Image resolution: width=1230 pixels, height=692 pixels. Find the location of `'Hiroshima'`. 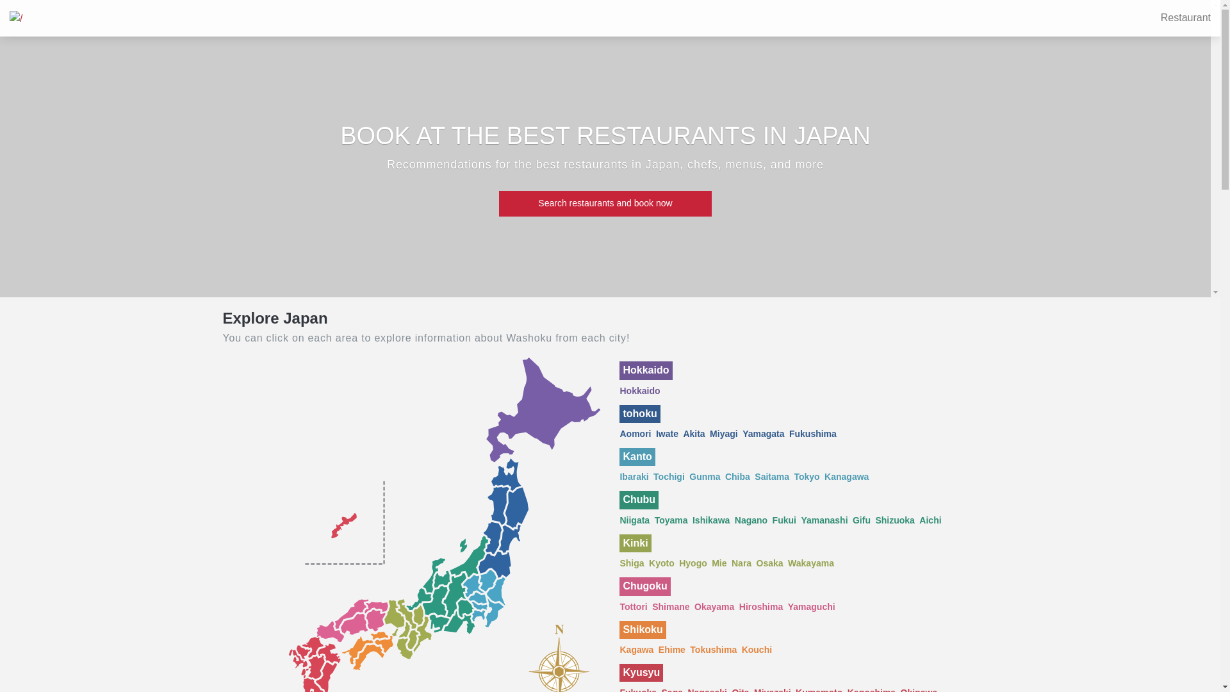

'Hiroshima' is located at coordinates (761, 606).